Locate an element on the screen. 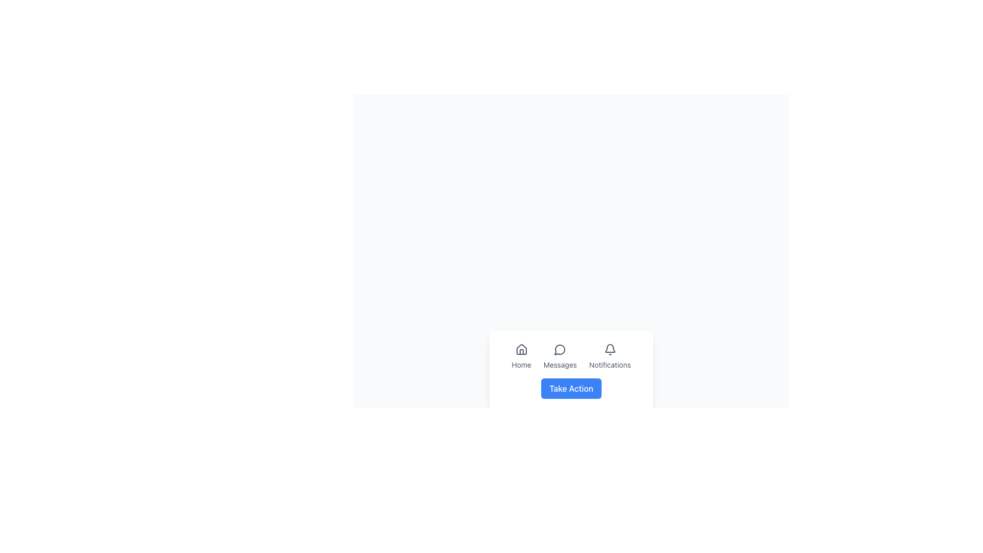 The height and width of the screenshot is (553, 983). the bell icon in the Notifications navigation button is located at coordinates (610, 349).